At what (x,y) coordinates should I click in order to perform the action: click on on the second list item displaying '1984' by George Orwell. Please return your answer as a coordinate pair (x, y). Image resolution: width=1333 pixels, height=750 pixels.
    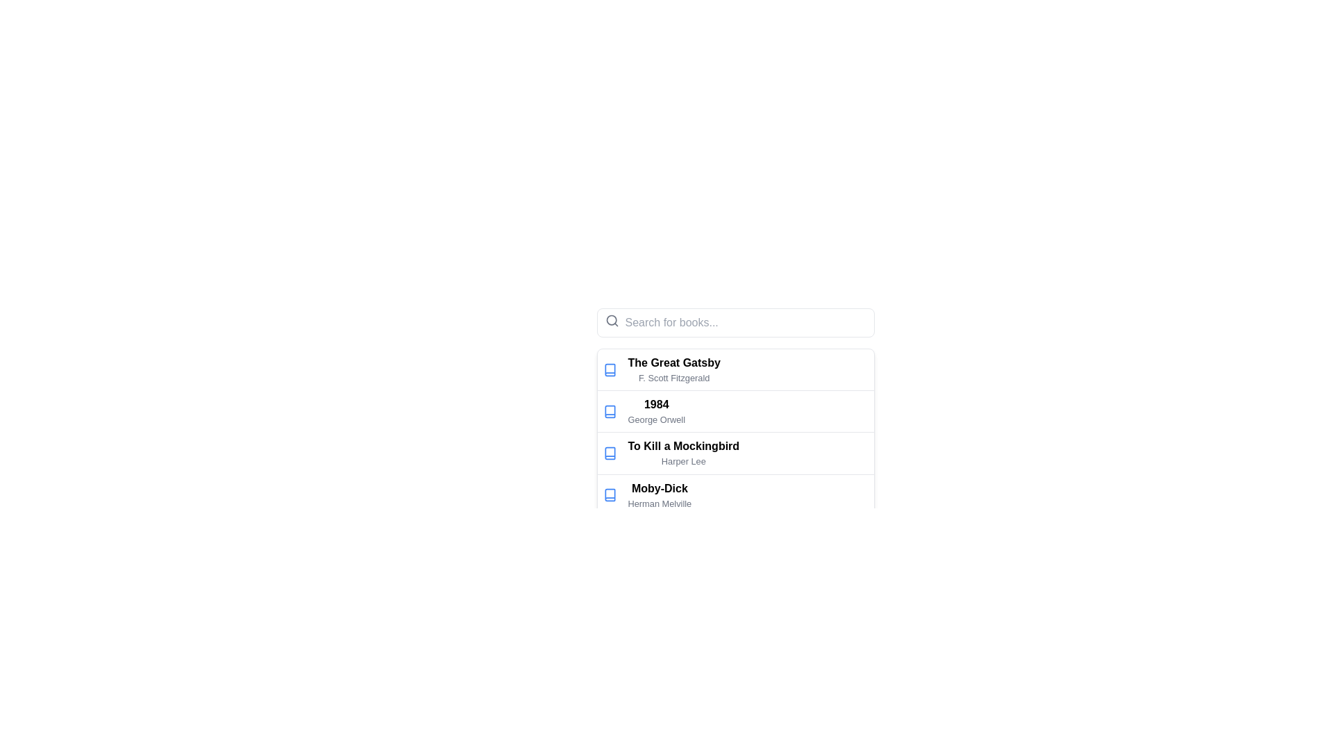
    Looking at the image, I should click on (735, 410).